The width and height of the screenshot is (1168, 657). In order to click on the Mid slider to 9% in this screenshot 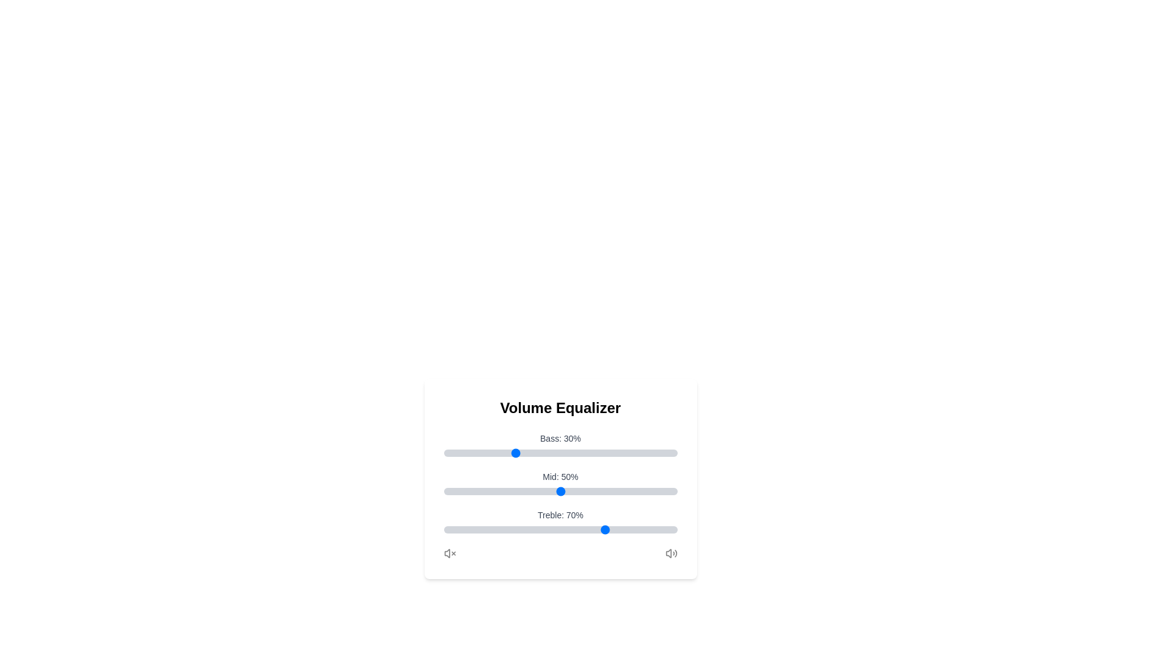, I will do `click(464, 490)`.